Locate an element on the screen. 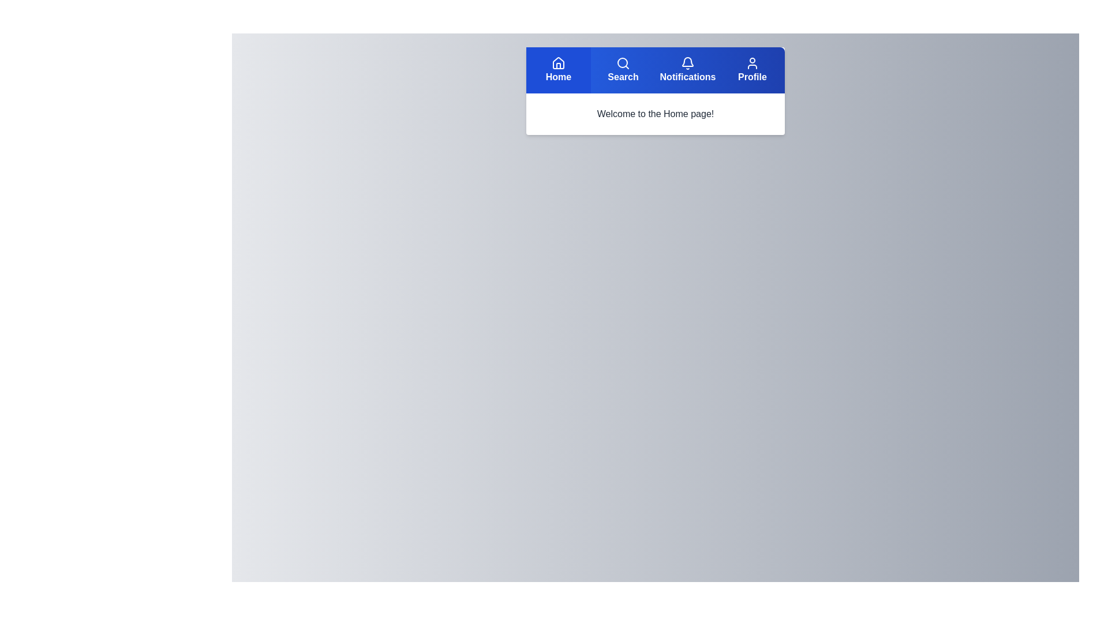  the Notifications tab by clicking its button is located at coordinates (687, 70).